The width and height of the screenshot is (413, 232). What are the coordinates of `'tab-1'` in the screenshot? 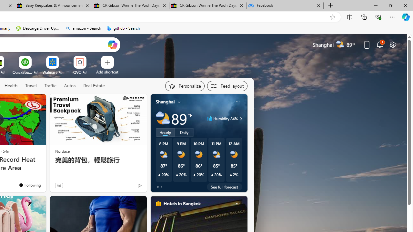 It's located at (161, 187).